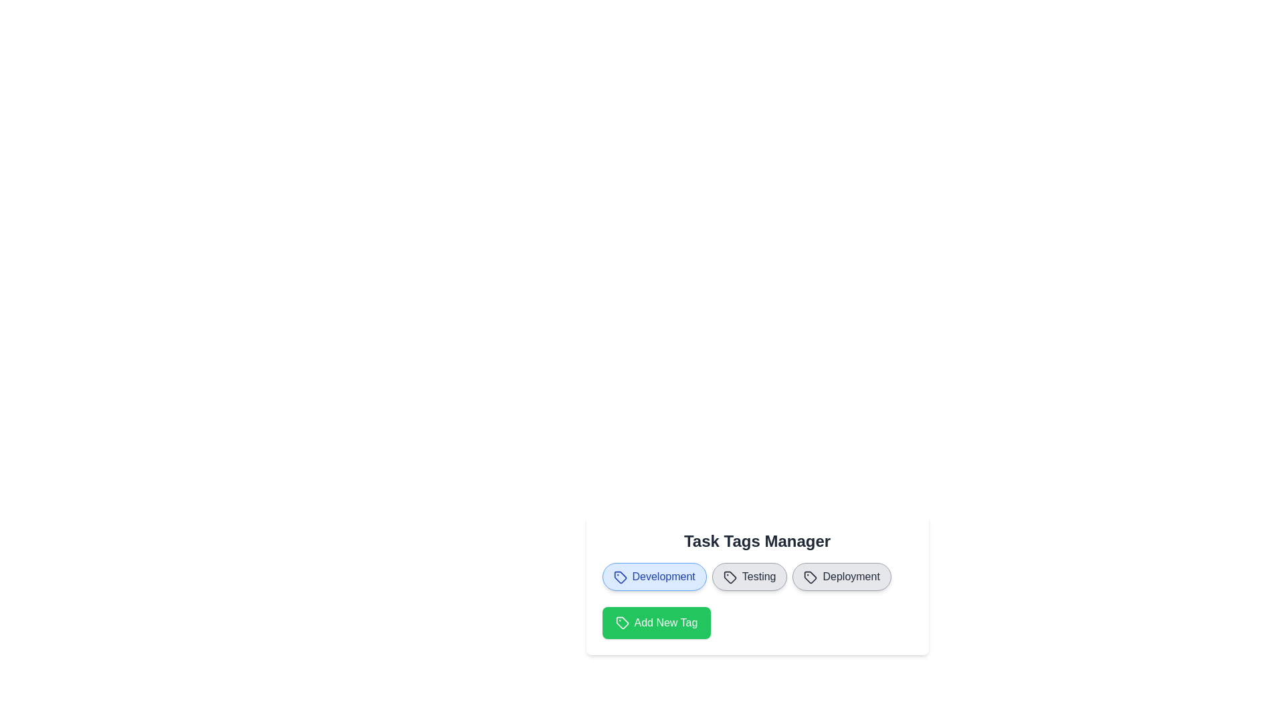 The width and height of the screenshot is (1284, 722). I want to click on the SVG icon located to the left of the 'Development' text within the 'Development' tag in the 'Task Tags Manager' section, so click(619, 576).